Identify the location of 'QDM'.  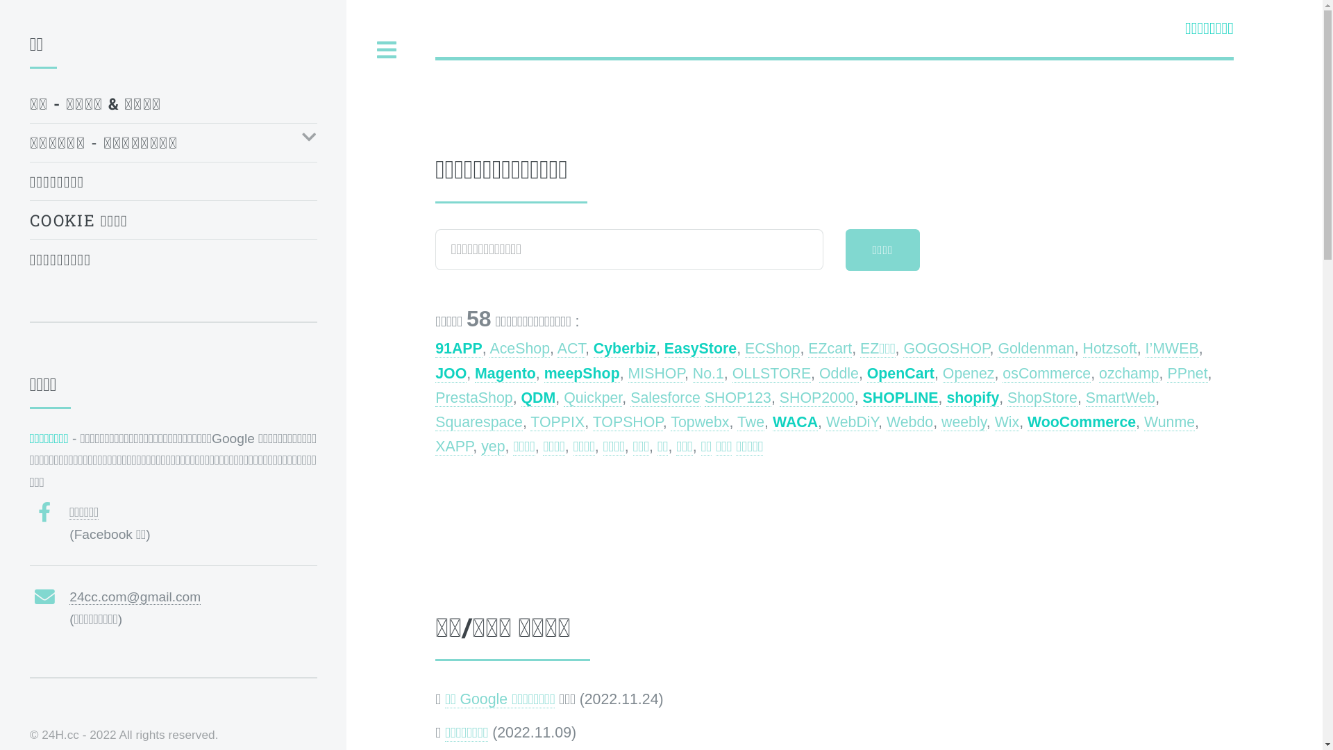
(537, 398).